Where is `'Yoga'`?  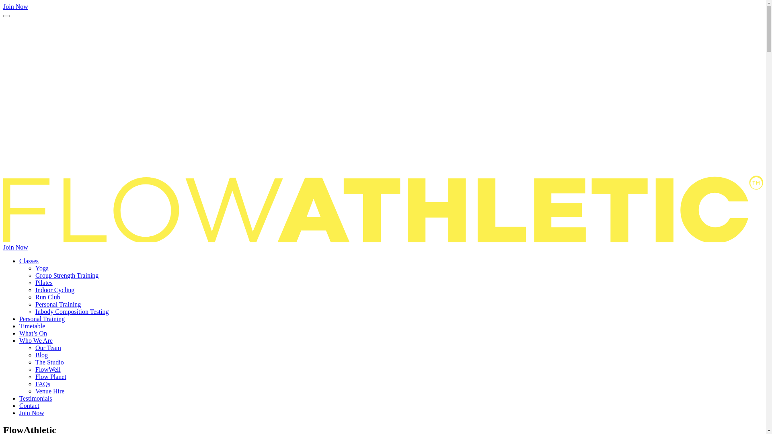
'Yoga' is located at coordinates (41, 268).